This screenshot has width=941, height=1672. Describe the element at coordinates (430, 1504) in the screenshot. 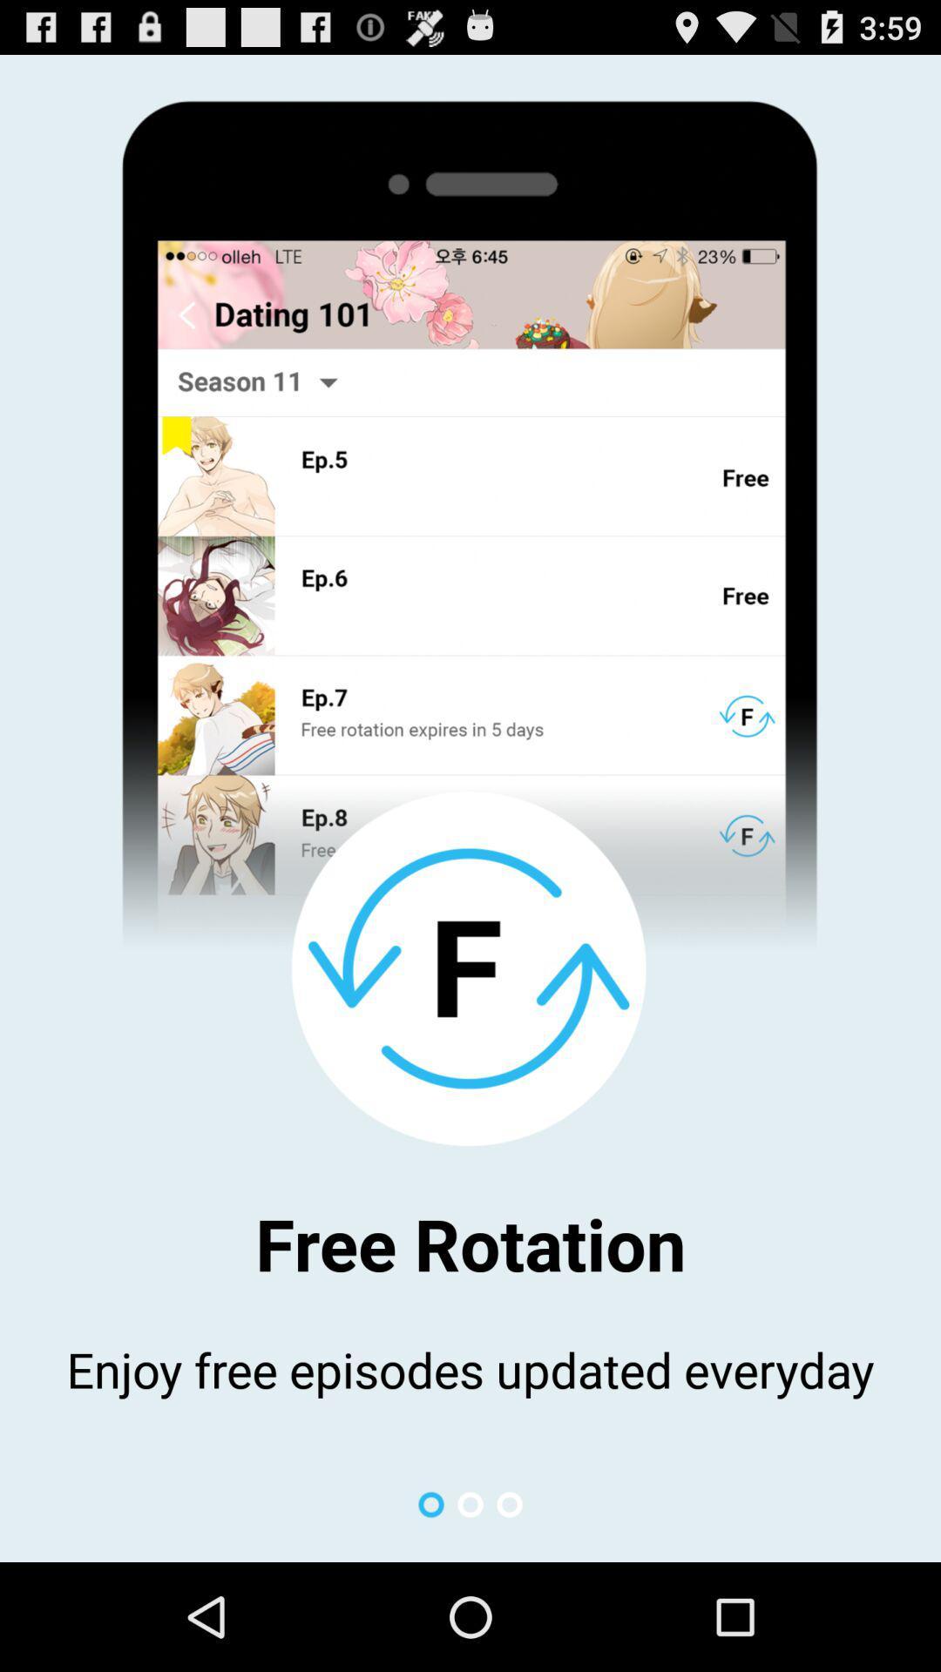

I see `icon below enjoy free episodes app` at that location.